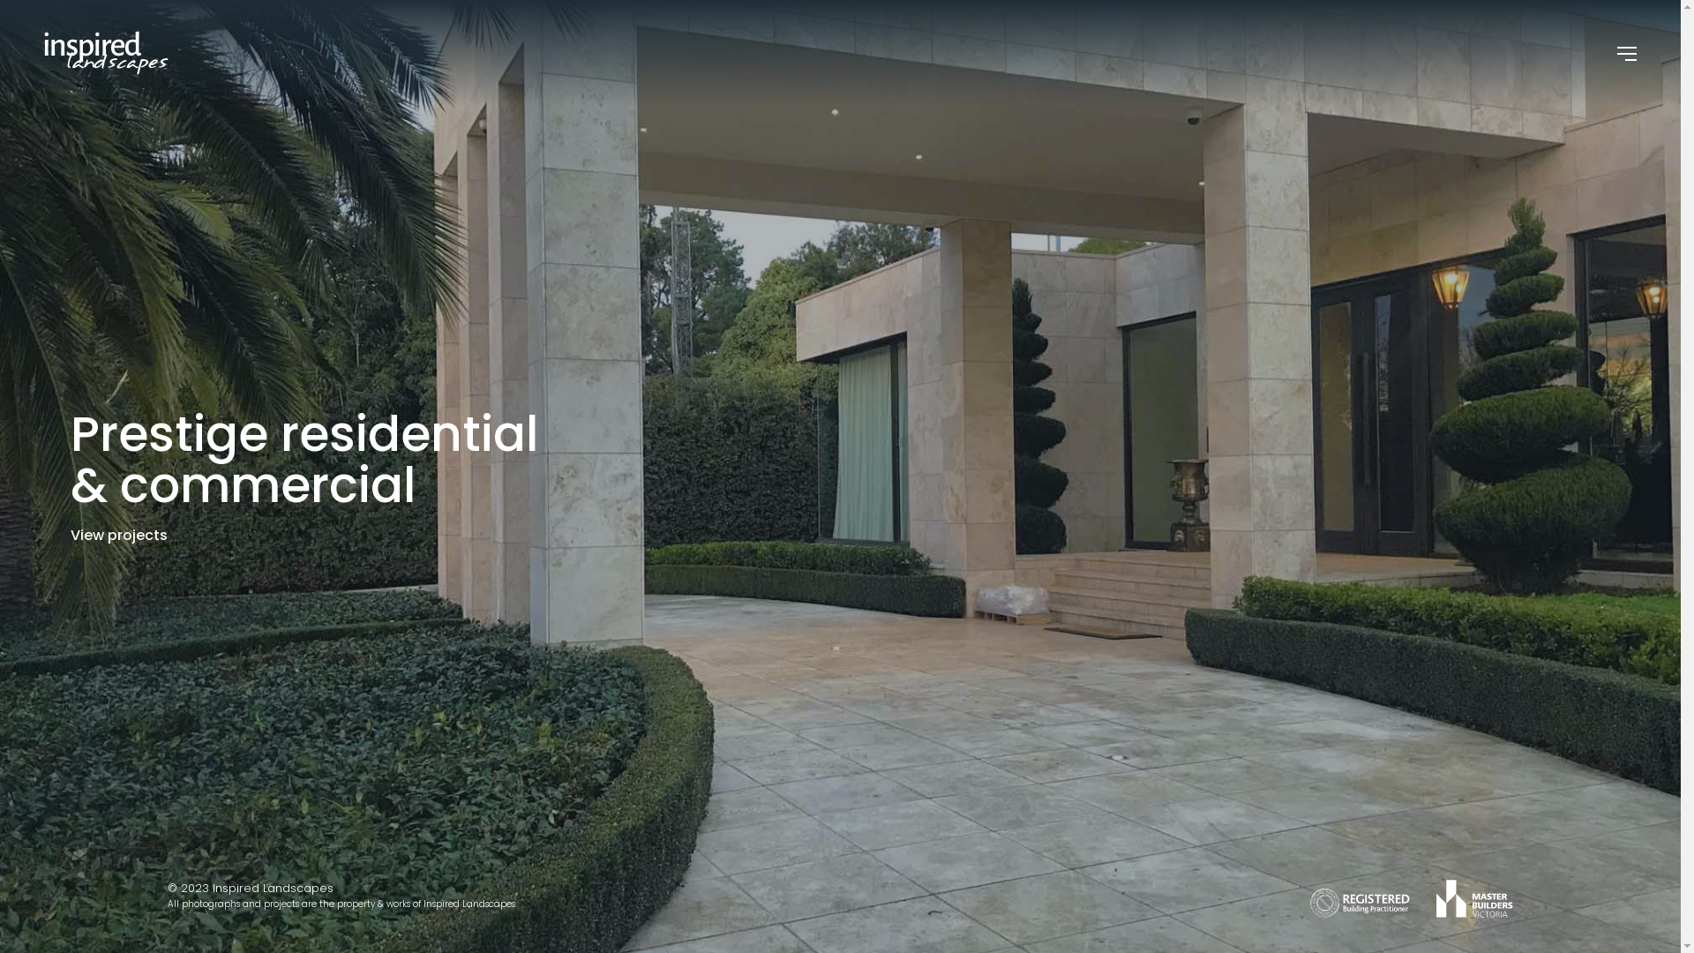 The height and width of the screenshot is (953, 1694). What do you see at coordinates (117, 534) in the screenshot?
I see `'View projects'` at bounding box center [117, 534].